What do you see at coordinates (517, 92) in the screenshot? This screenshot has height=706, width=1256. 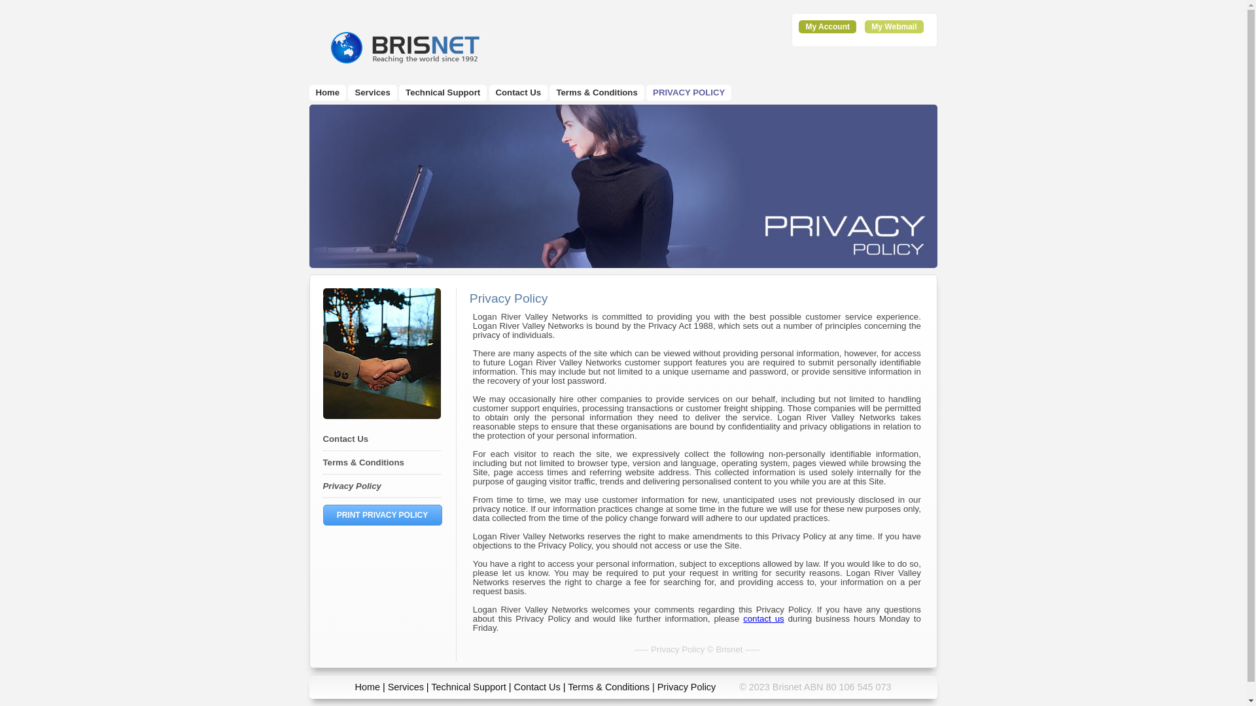 I see `'Contact Us'` at bounding box center [517, 92].